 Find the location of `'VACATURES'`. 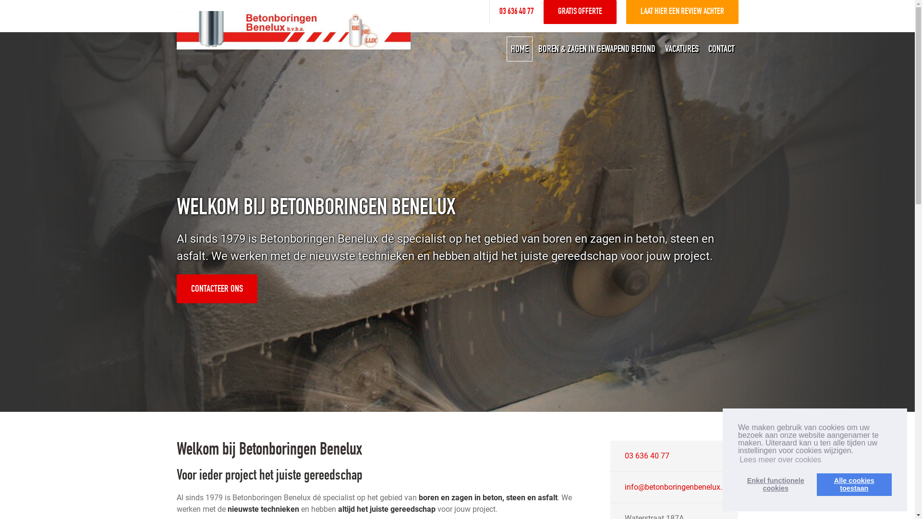

'VACATURES' is located at coordinates (681, 49).